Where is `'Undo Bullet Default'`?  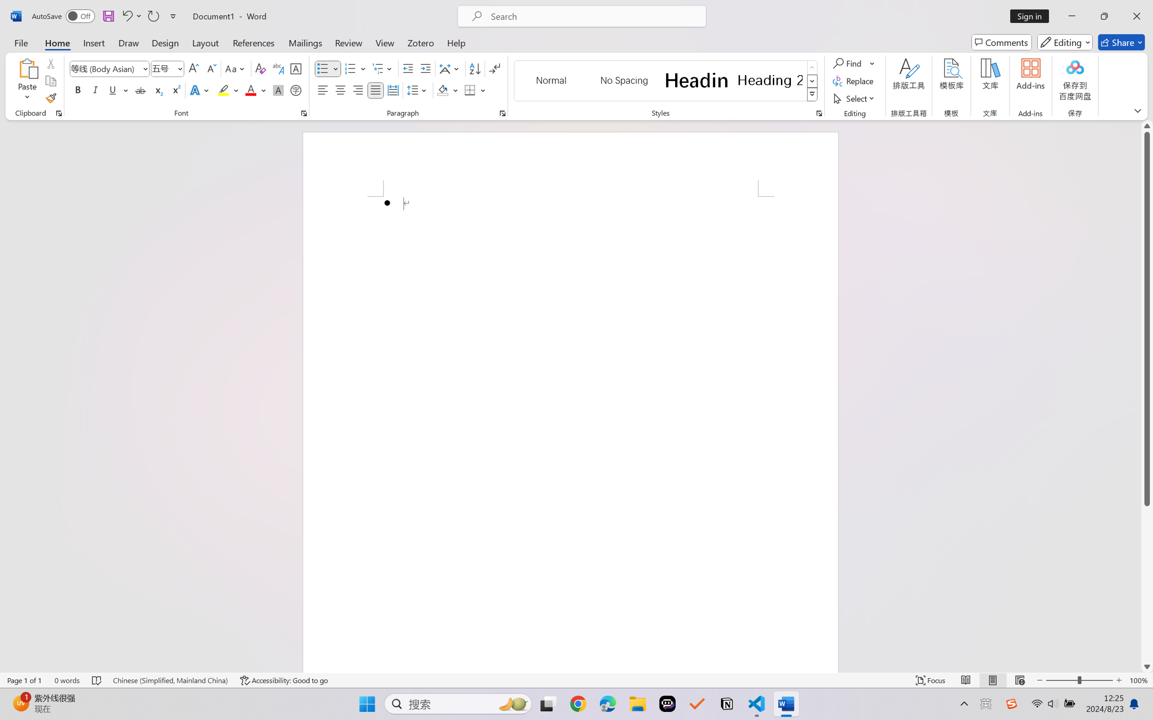
'Undo Bullet Default' is located at coordinates (126, 16).